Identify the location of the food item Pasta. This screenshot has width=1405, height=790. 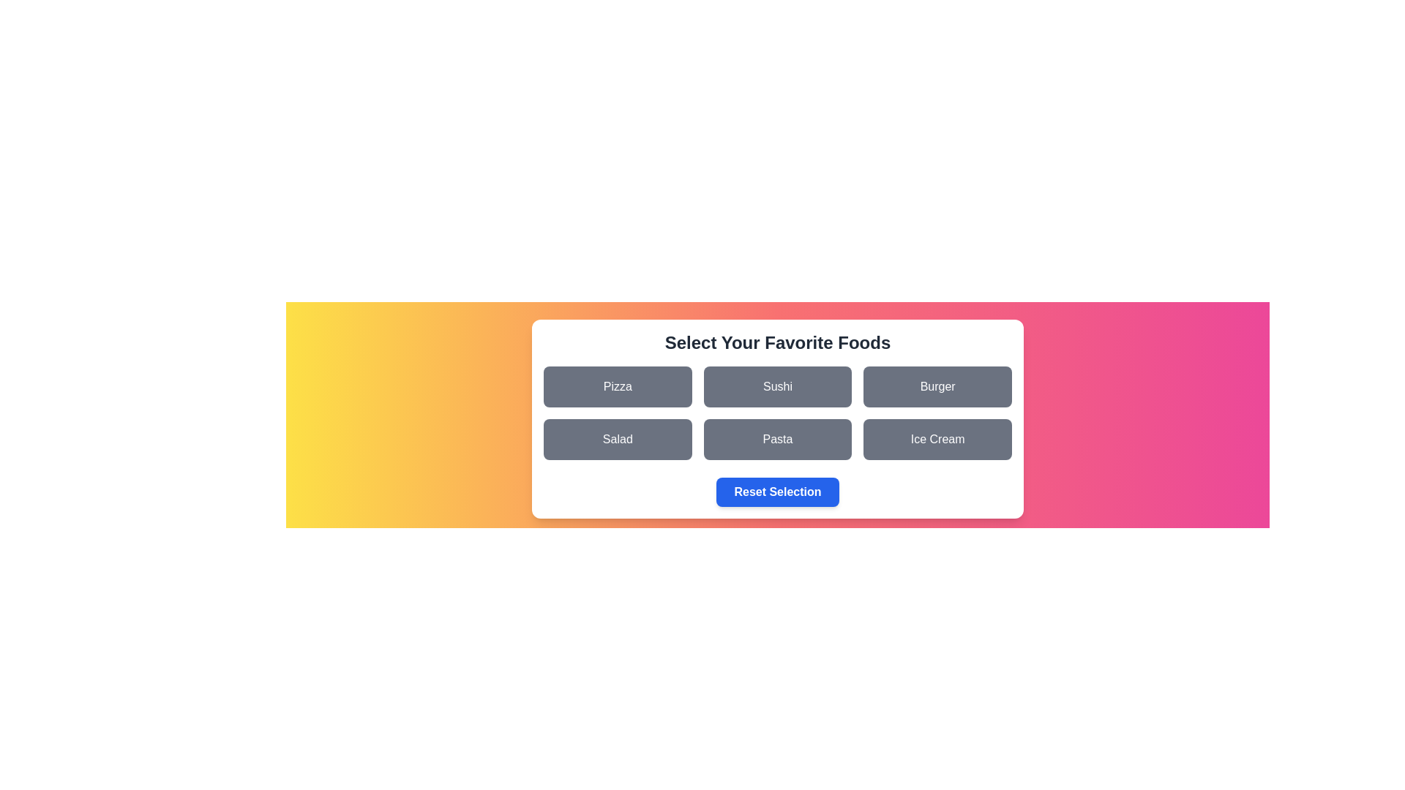
(776, 439).